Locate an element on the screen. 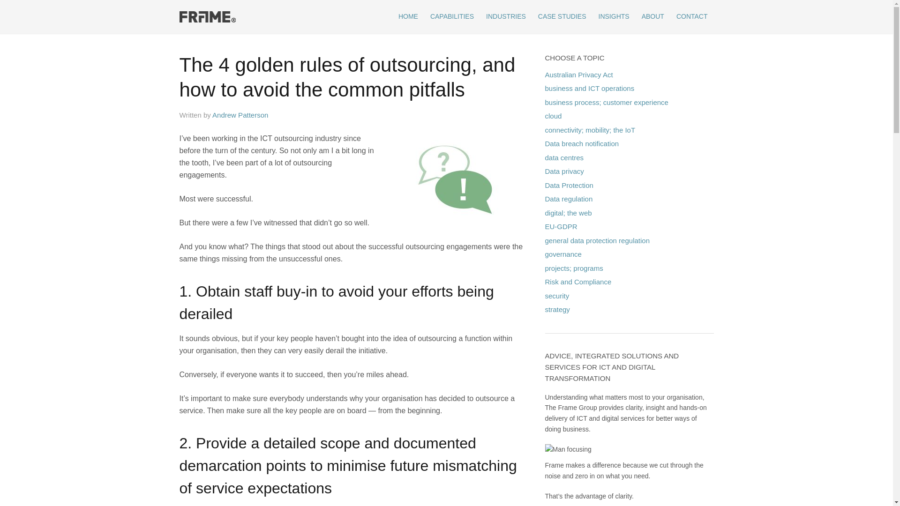 The image size is (900, 506). 'business and ICT operations' is located at coordinates (589, 88).